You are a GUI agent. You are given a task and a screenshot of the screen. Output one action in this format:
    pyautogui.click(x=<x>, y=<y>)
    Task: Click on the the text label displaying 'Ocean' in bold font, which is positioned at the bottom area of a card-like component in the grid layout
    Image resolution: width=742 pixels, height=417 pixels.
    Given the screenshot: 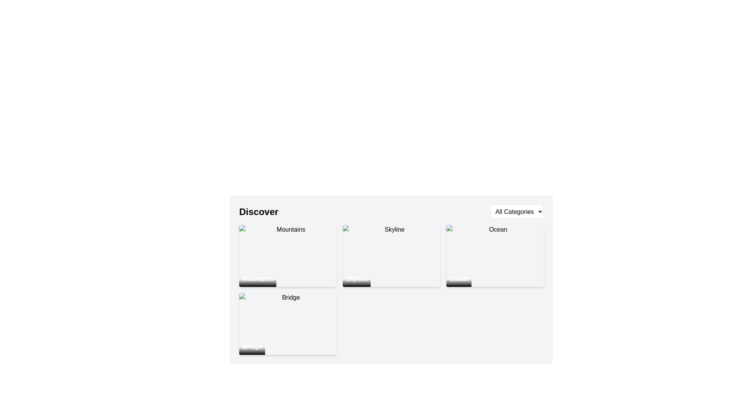 What is the action you would take?
    pyautogui.click(x=459, y=279)
    